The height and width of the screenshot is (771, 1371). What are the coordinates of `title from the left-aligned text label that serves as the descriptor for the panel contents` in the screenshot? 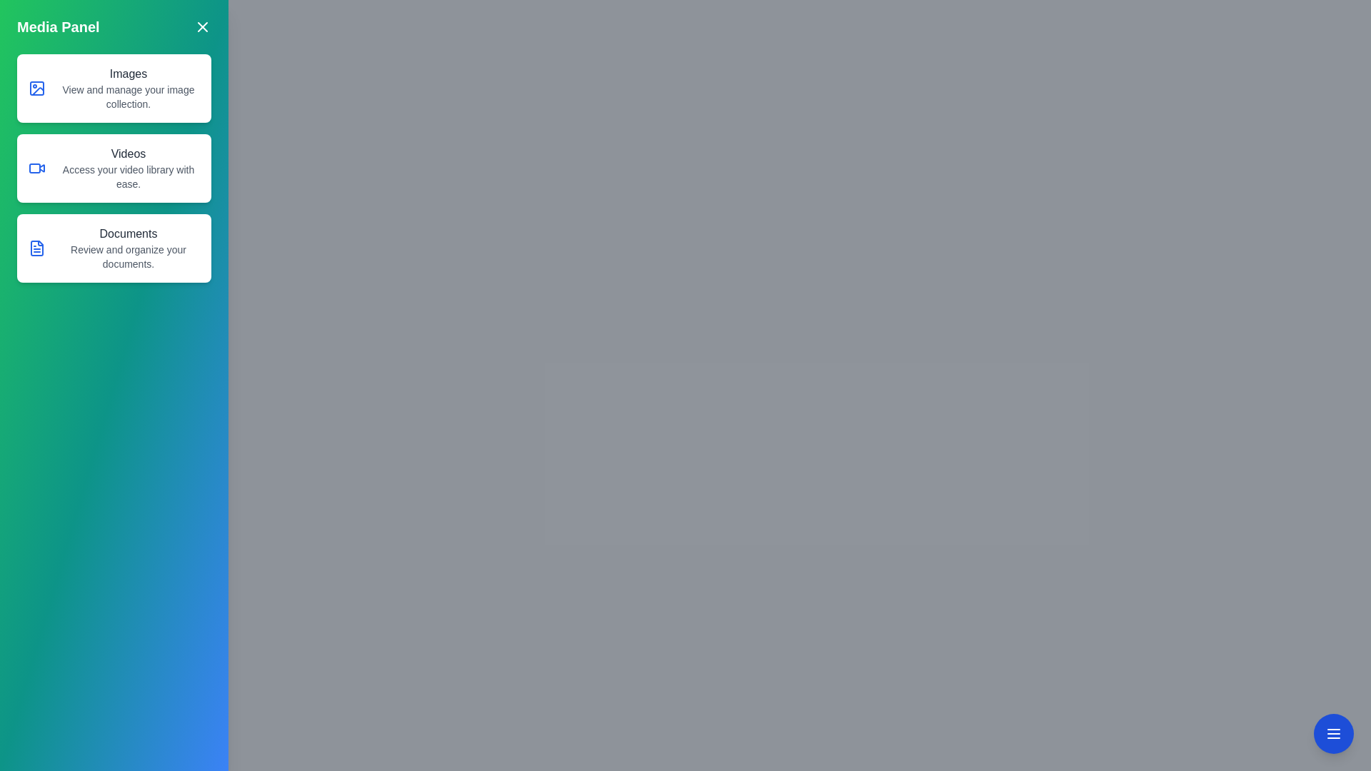 It's located at (57, 27).